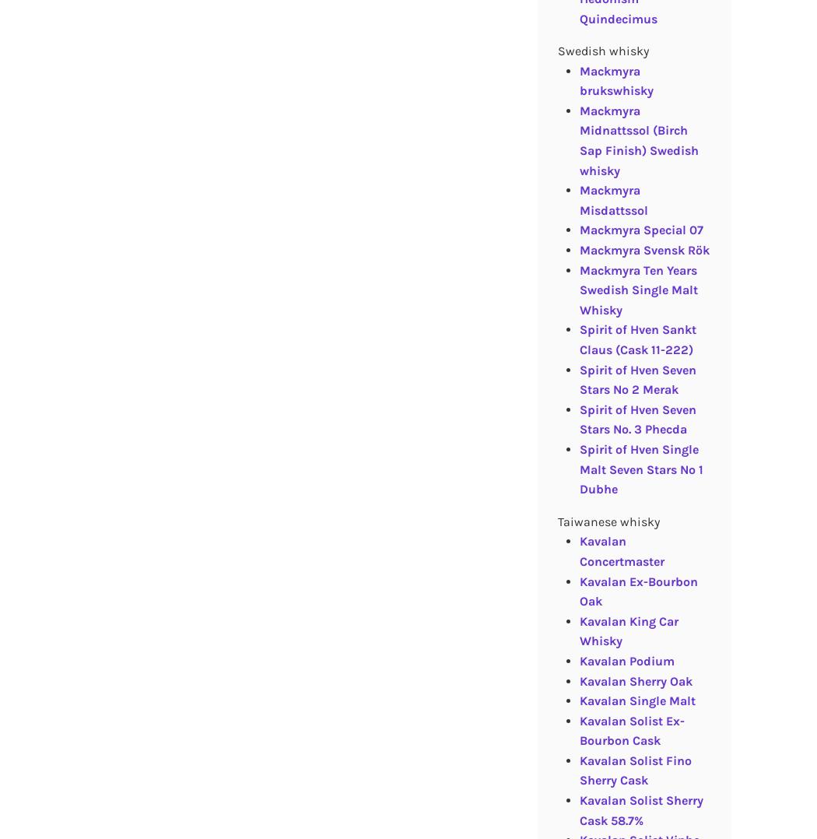  I want to click on 'Mackmyra Ten Years Swedish Single Malt Whisky', so click(637, 290).